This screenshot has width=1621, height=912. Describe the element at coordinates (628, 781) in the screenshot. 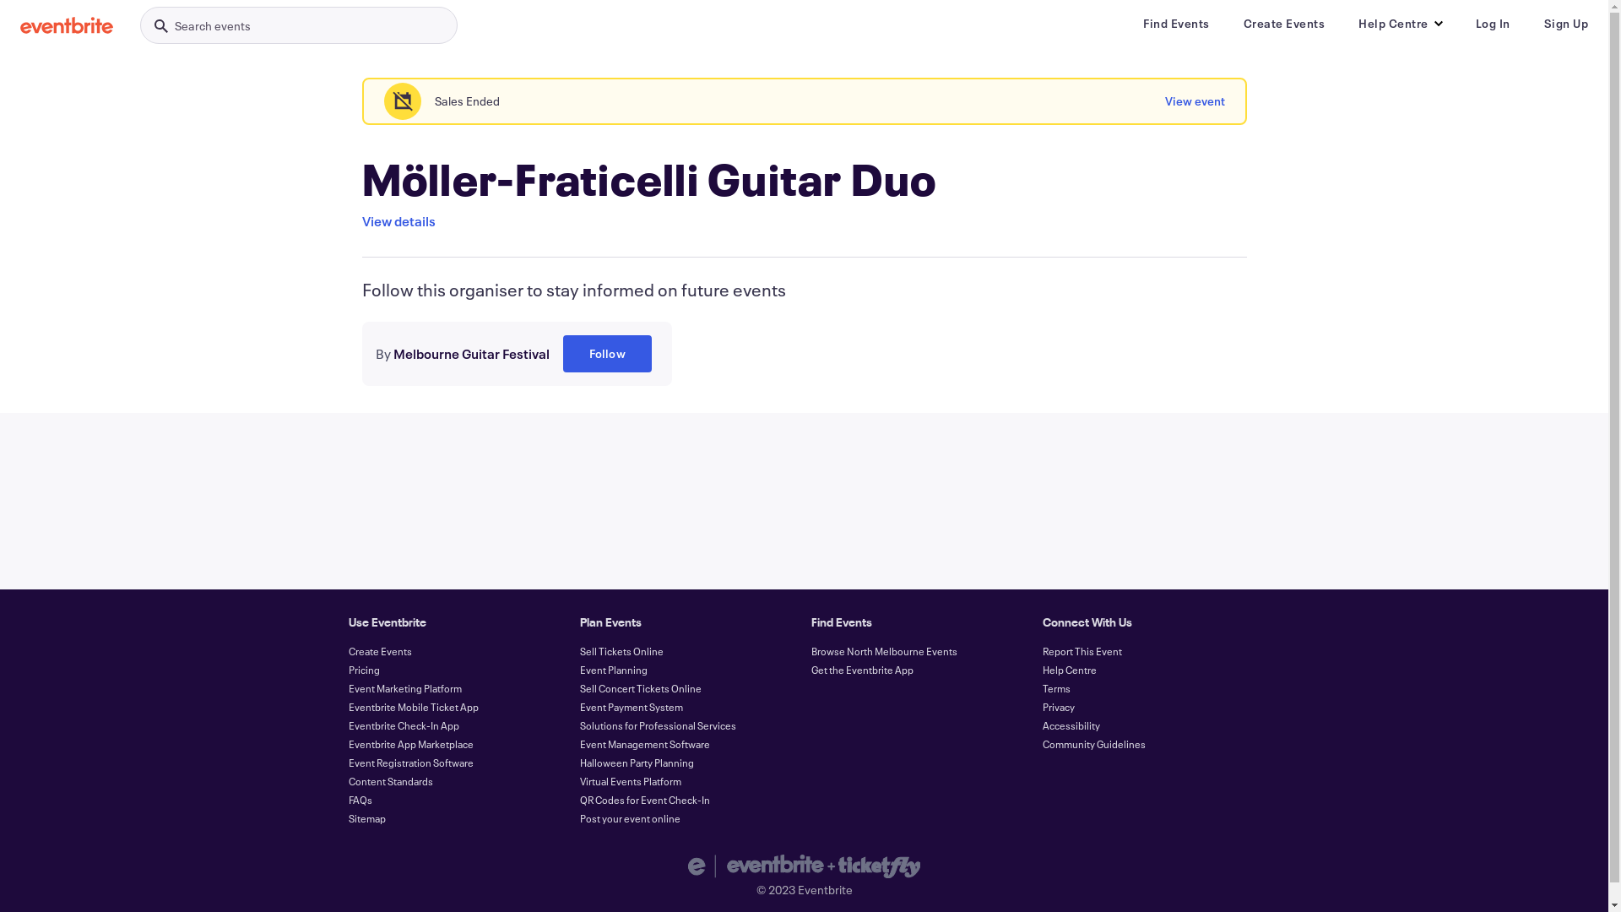

I see `'Virtual Events Platform'` at that location.